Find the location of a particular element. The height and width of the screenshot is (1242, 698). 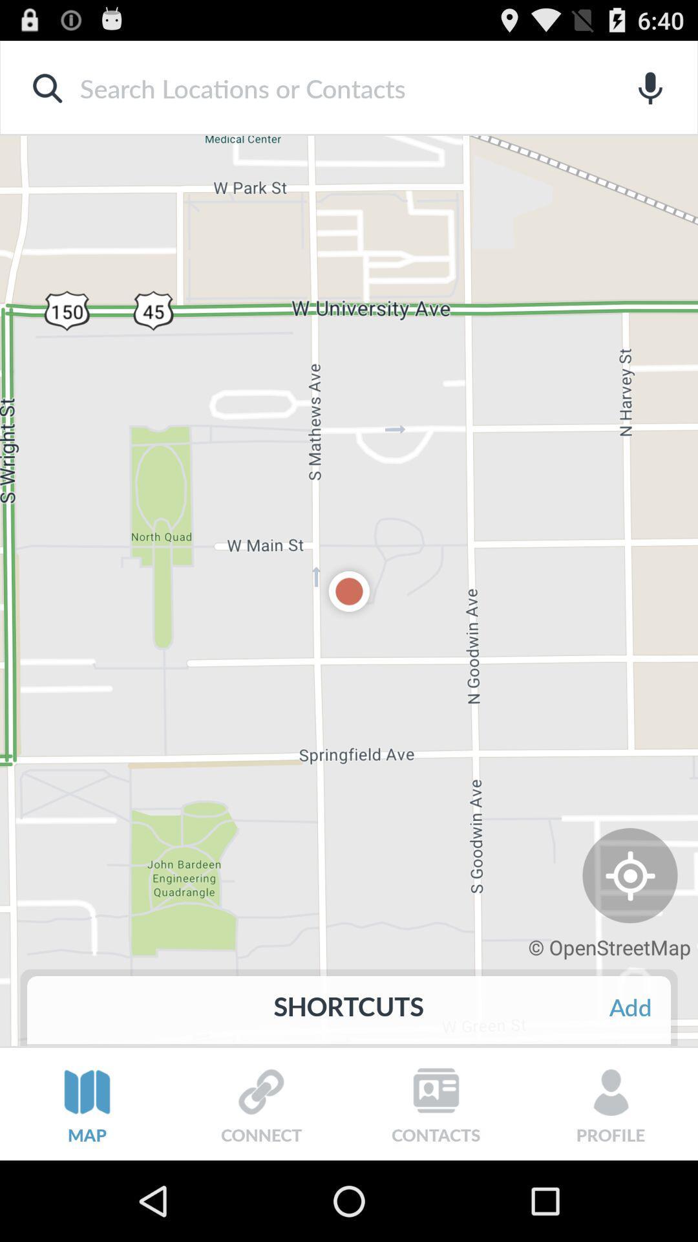

the location_crosshair icon is located at coordinates (629, 937).